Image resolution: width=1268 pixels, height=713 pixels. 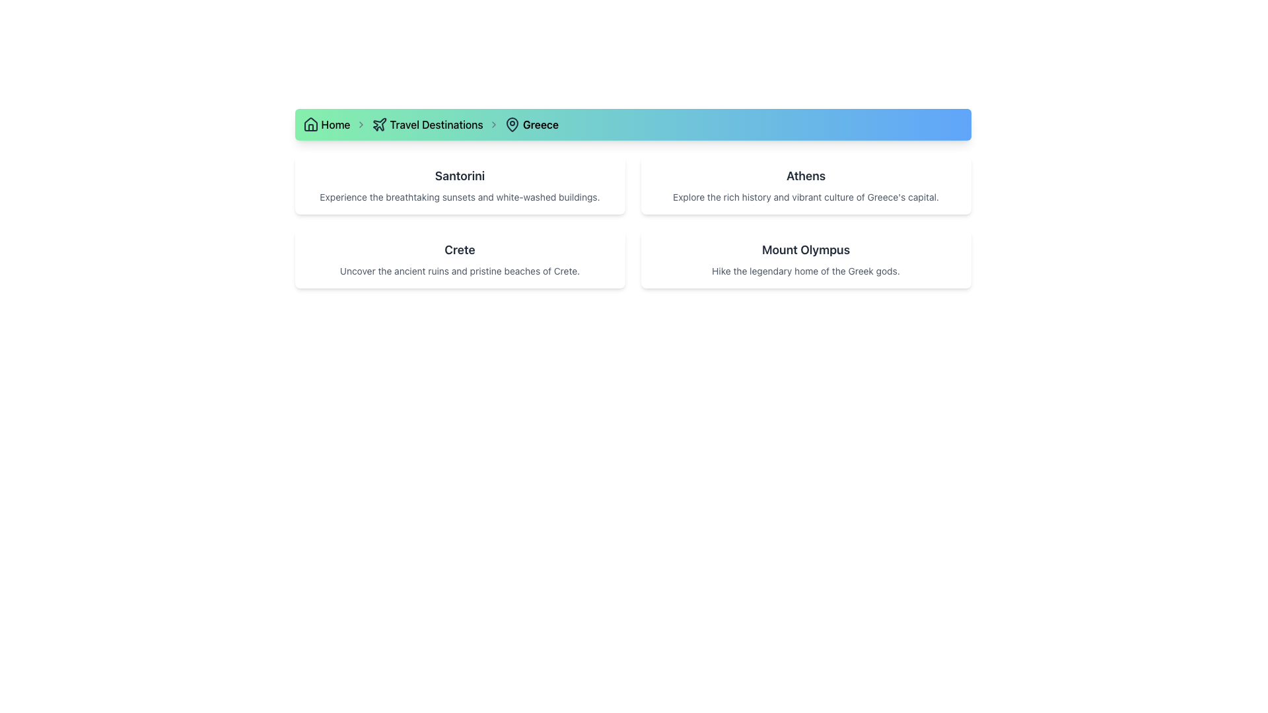 I want to click on the pin icon representing the 'Greece' navigation step in the breadcrumb navigation, so click(x=511, y=125).